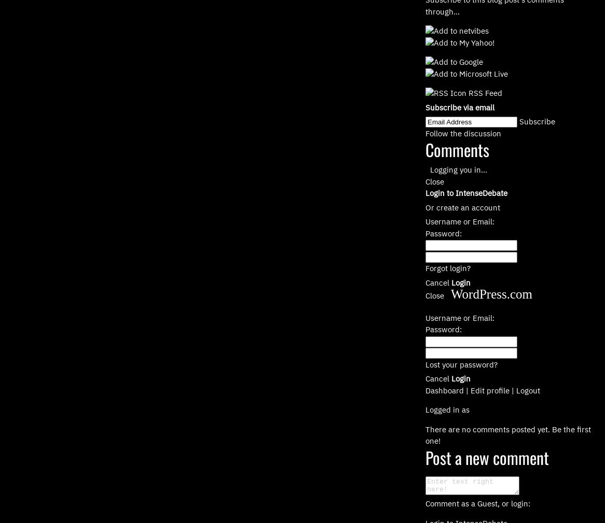 The image size is (605, 523). I want to click on 'create an account', so click(467, 206).